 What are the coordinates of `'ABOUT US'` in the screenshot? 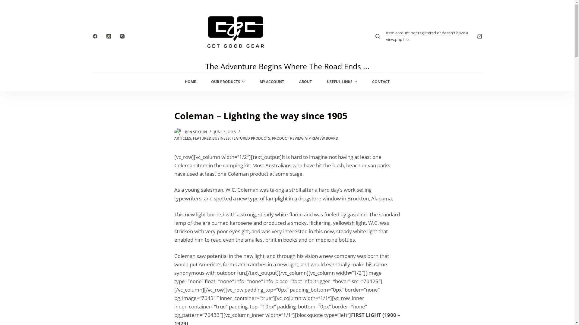 It's located at (427, 165).